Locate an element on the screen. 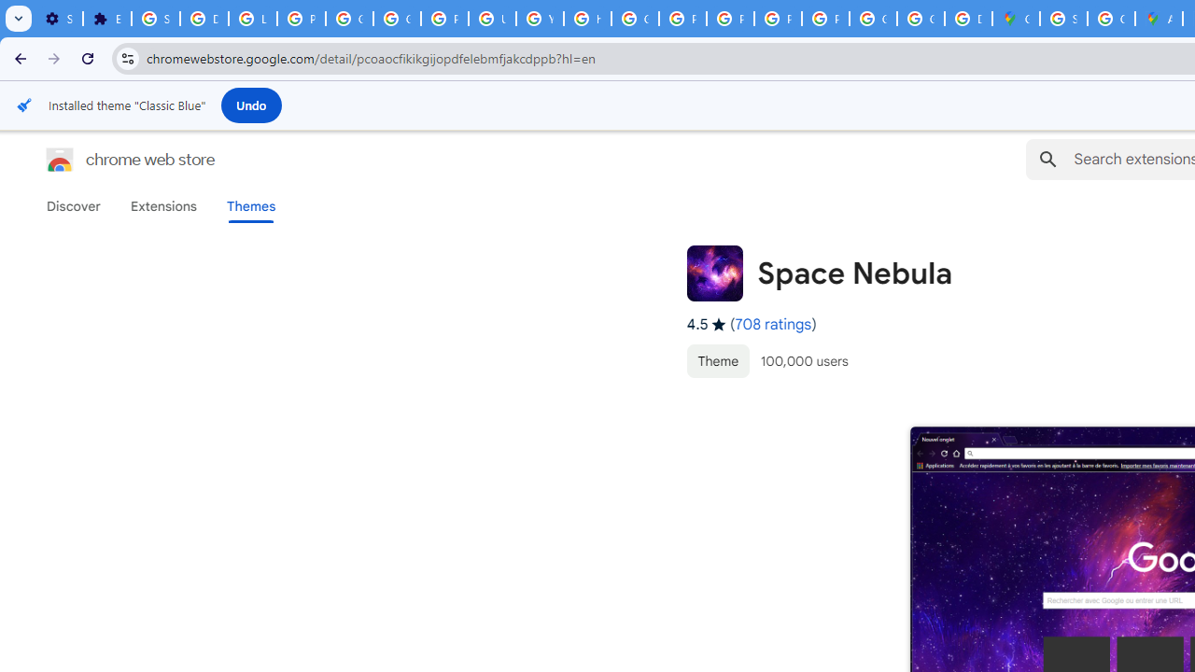 The height and width of the screenshot is (672, 1195). 'Undo' is located at coordinates (250, 105).